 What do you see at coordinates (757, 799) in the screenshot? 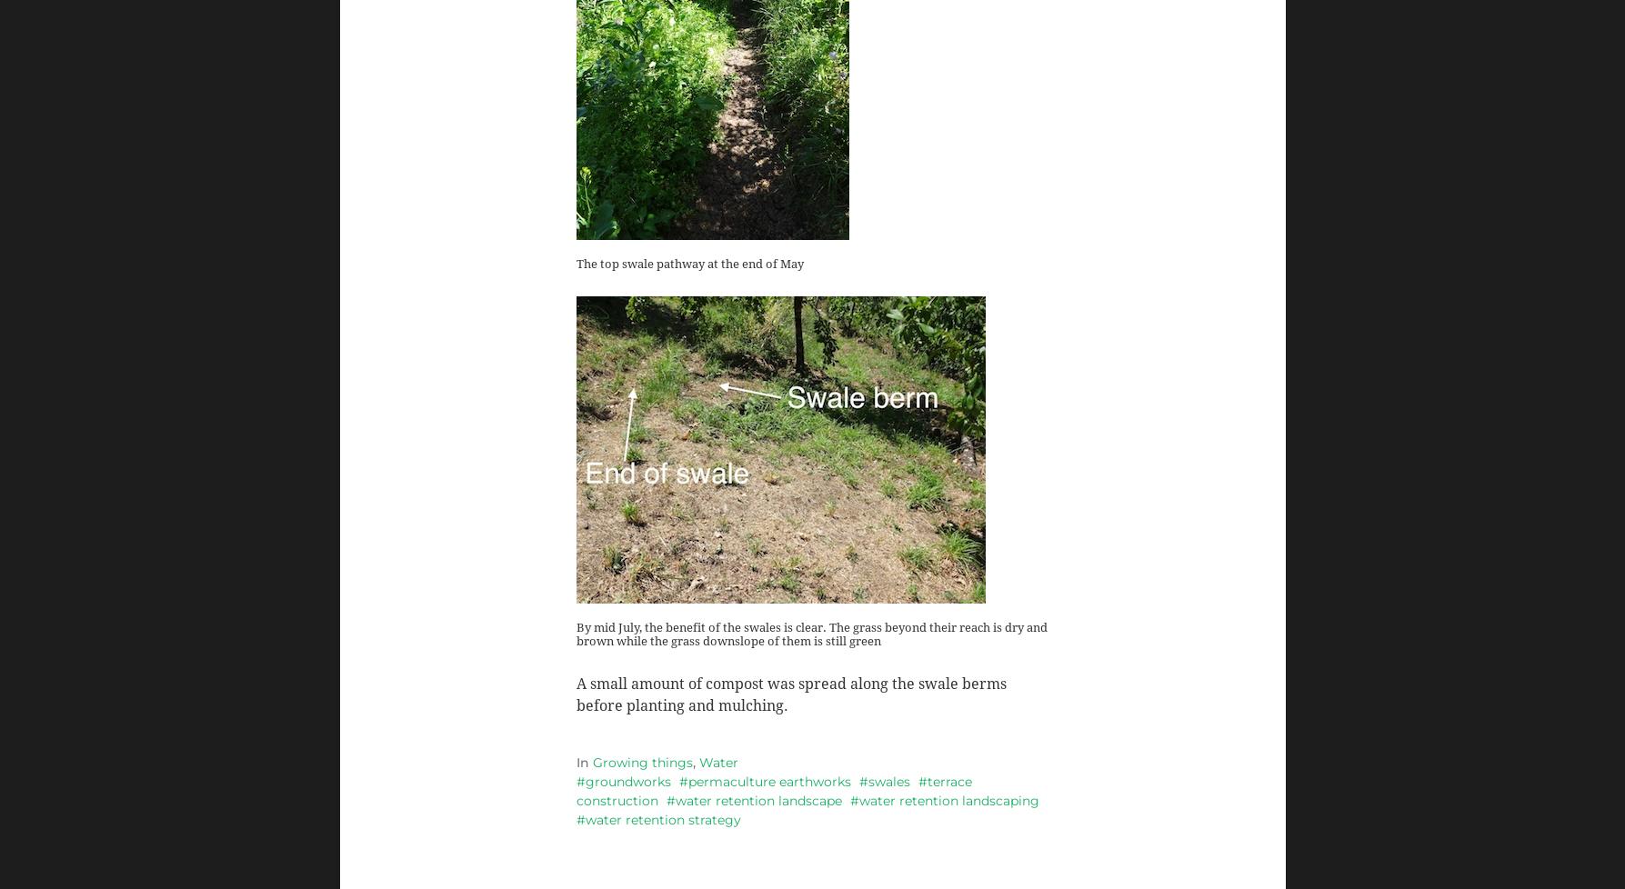
I see `'water retention landscape'` at bounding box center [757, 799].